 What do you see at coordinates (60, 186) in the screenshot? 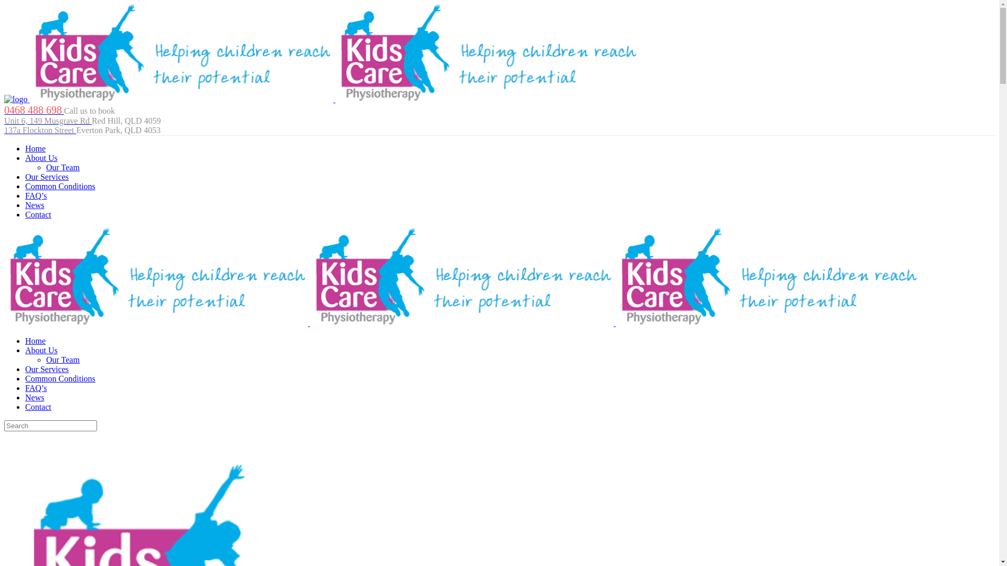
I see `'Common Conditions'` at bounding box center [60, 186].